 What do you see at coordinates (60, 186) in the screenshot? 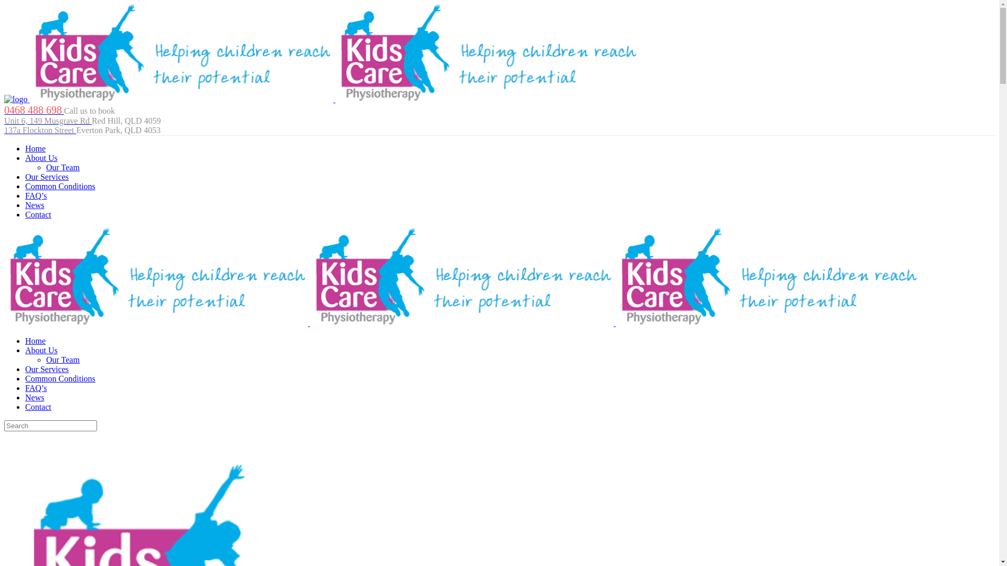
I see `'Common Conditions'` at bounding box center [60, 186].